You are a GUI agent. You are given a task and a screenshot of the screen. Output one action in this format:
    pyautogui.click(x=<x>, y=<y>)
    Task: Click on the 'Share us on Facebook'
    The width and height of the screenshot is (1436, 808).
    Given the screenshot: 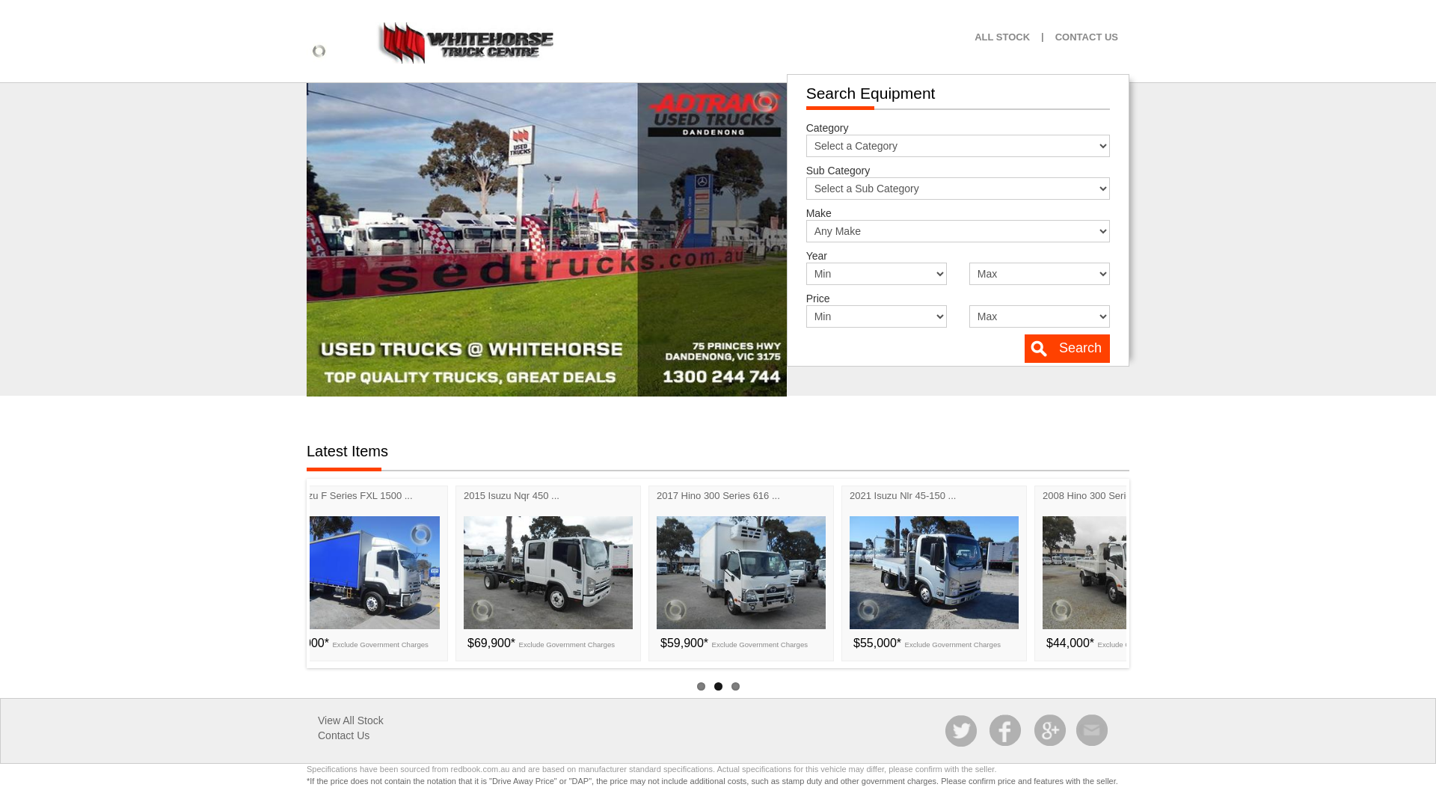 What is the action you would take?
    pyautogui.click(x=987, y=729)
    